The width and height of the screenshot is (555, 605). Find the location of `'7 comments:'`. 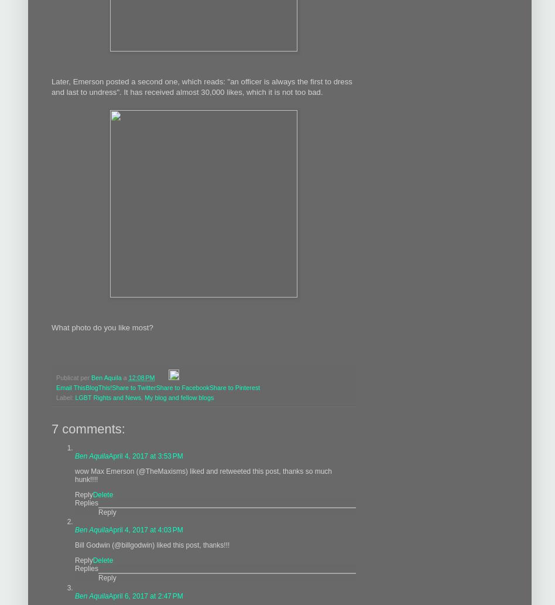

'7 comments:' is located at coordinates (87, 428).